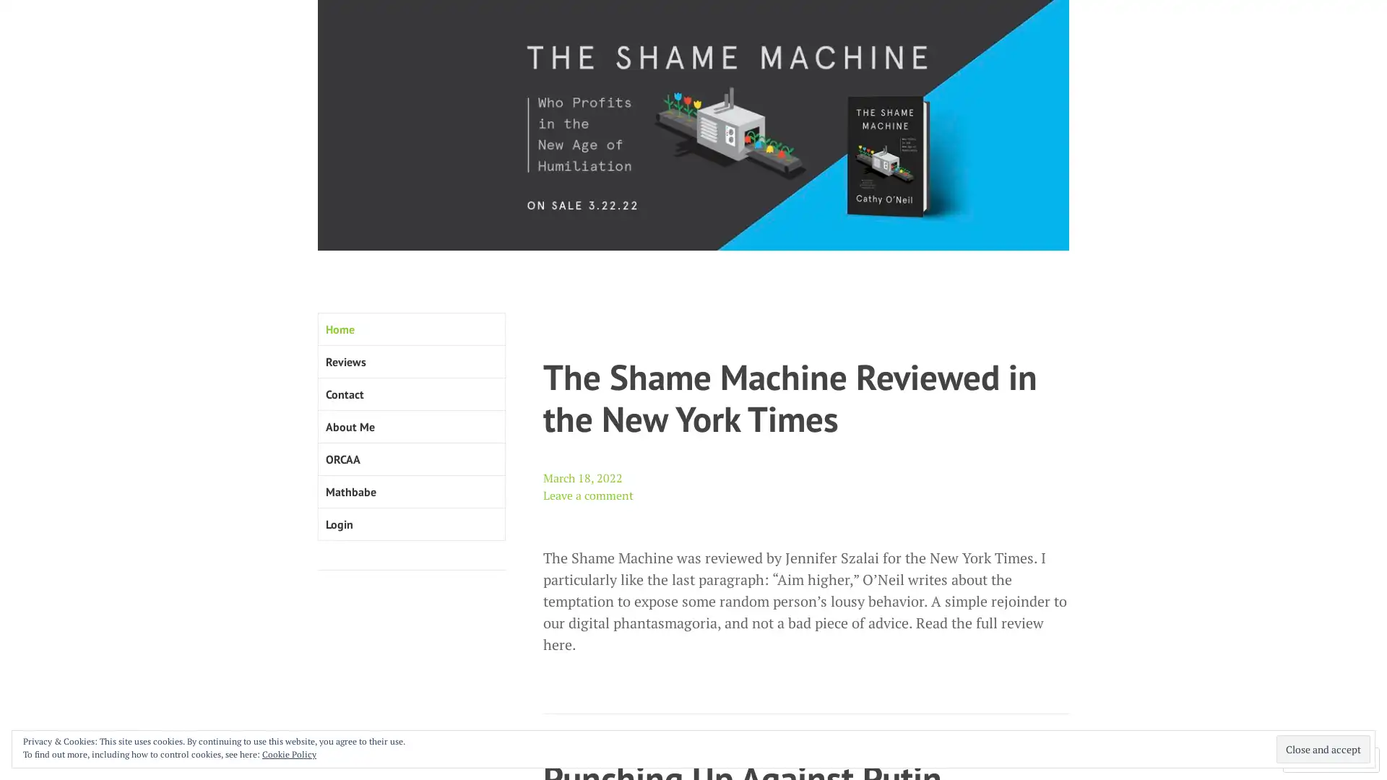 The image size is (1387, 780). What do you see at coordinates (1323, 748) in the screenshot?
I see `Close and accept` at bounding box center [1323, 748].